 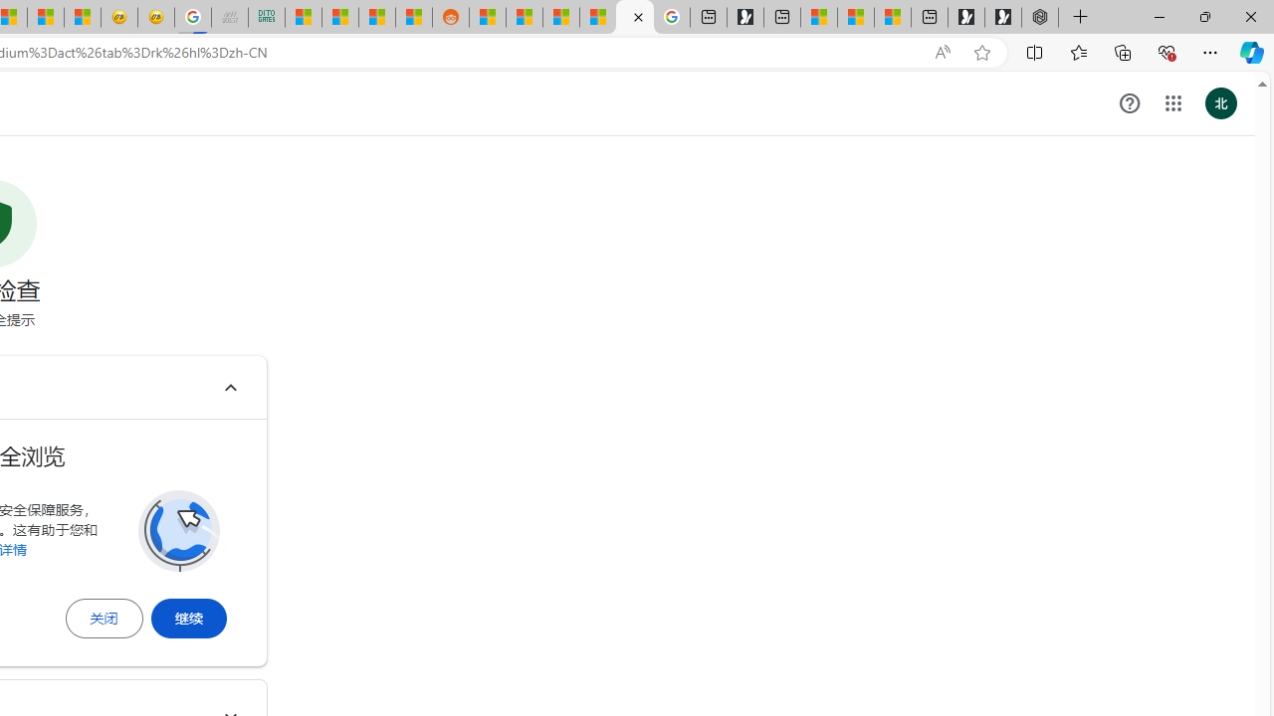 What do you see at coordinates (892, 17) in the screenshot?
I see `'These 3 Stocks Pay You More Than 5% to Own Them'` at bounding box center [892, 17].